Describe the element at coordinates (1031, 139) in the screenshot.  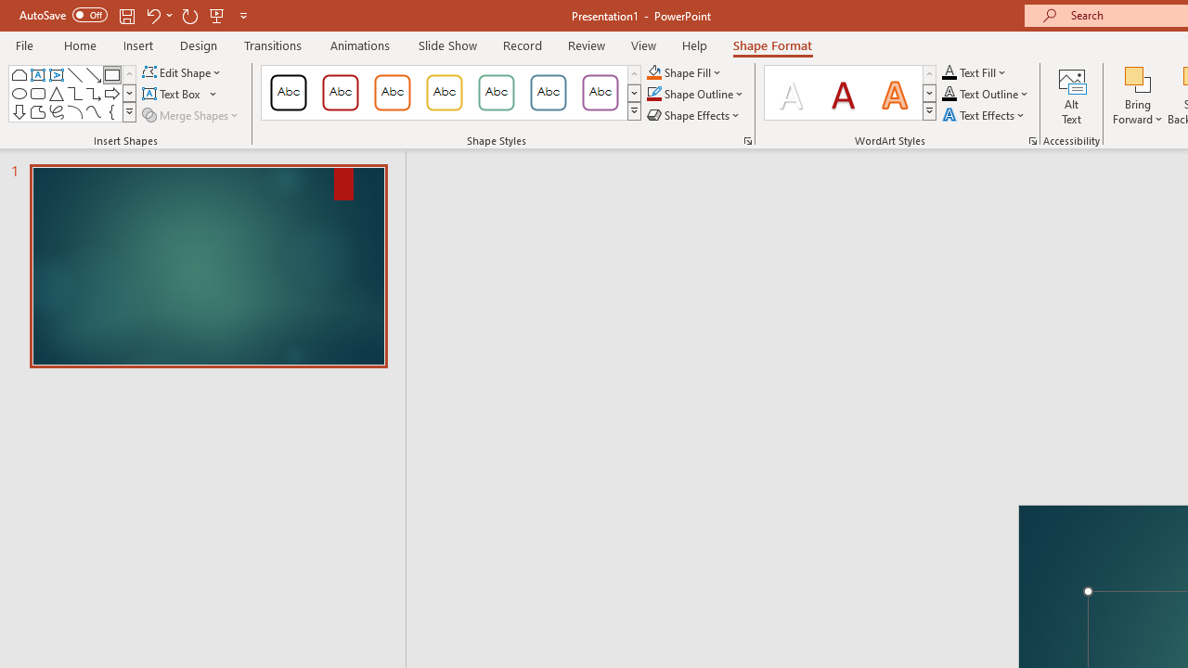
I see `'Format Text Effects...'` at that location.